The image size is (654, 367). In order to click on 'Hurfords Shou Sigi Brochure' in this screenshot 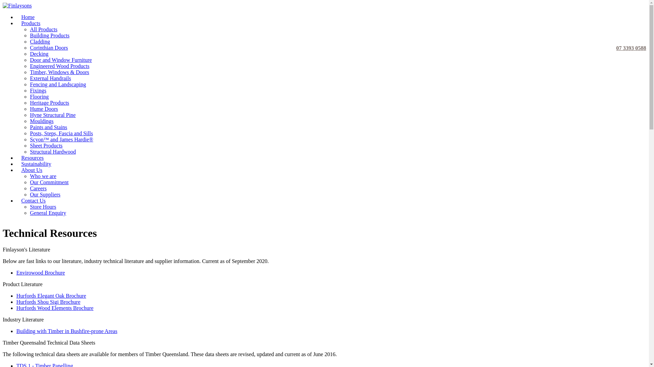, I will do `click(48, 301)`.